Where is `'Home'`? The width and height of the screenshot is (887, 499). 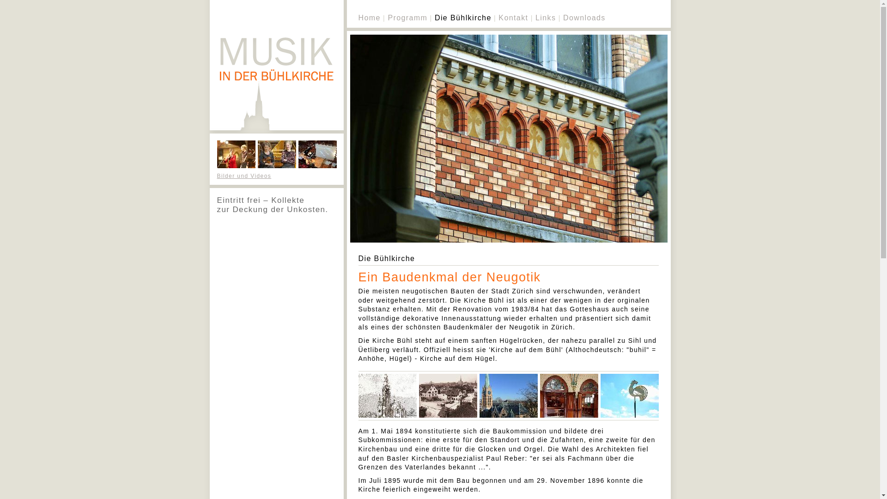
'Home' is located at coordinates (370, 18).